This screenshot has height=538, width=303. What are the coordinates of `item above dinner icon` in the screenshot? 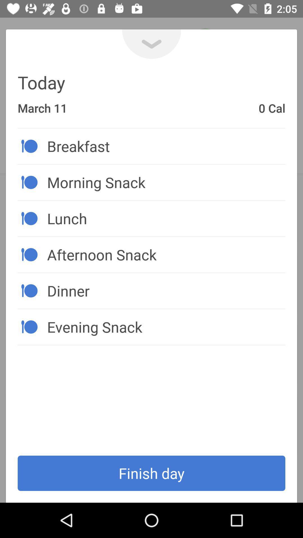 It's located at (166, 254).